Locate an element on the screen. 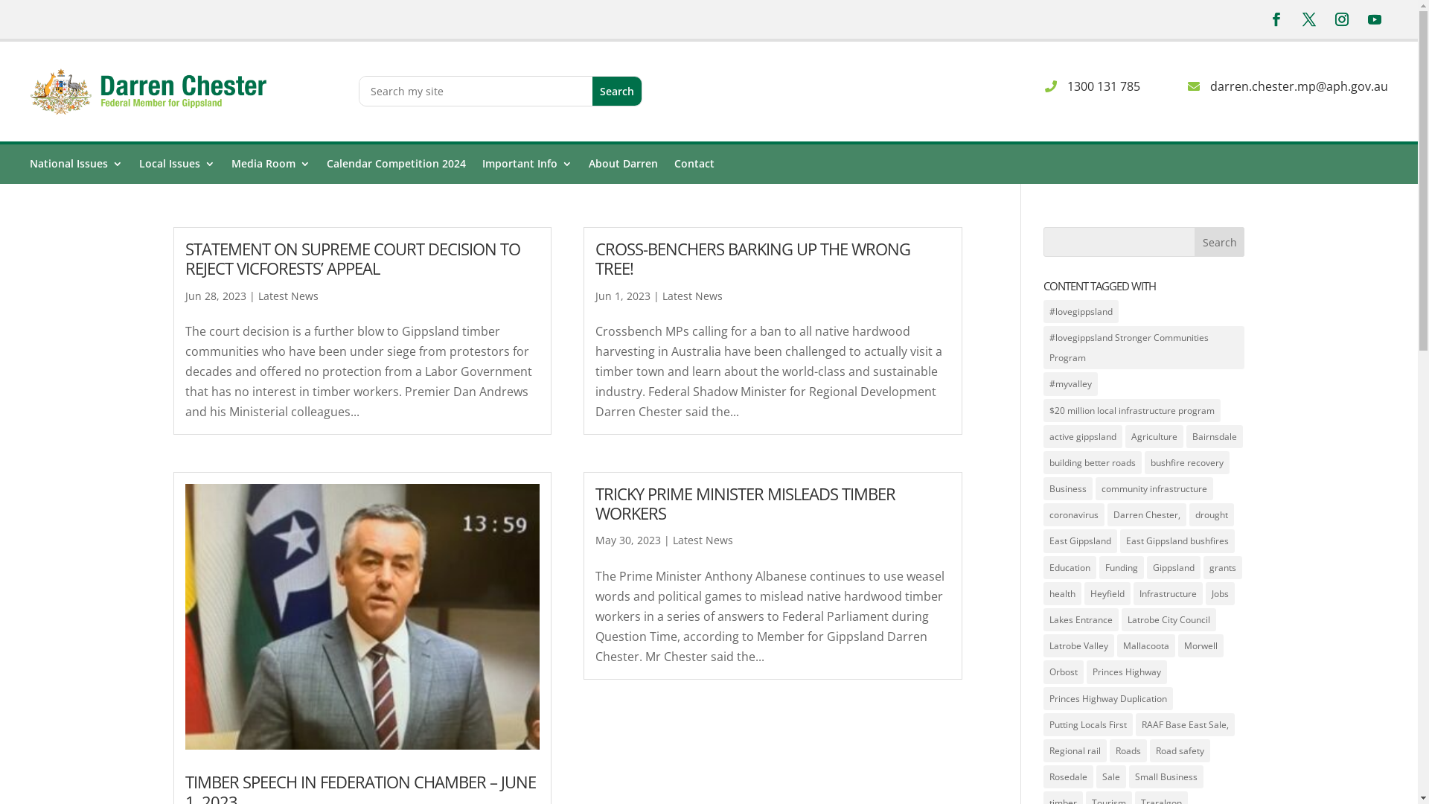  'Follow on Instagram' is located at coordinates (1342, 19).